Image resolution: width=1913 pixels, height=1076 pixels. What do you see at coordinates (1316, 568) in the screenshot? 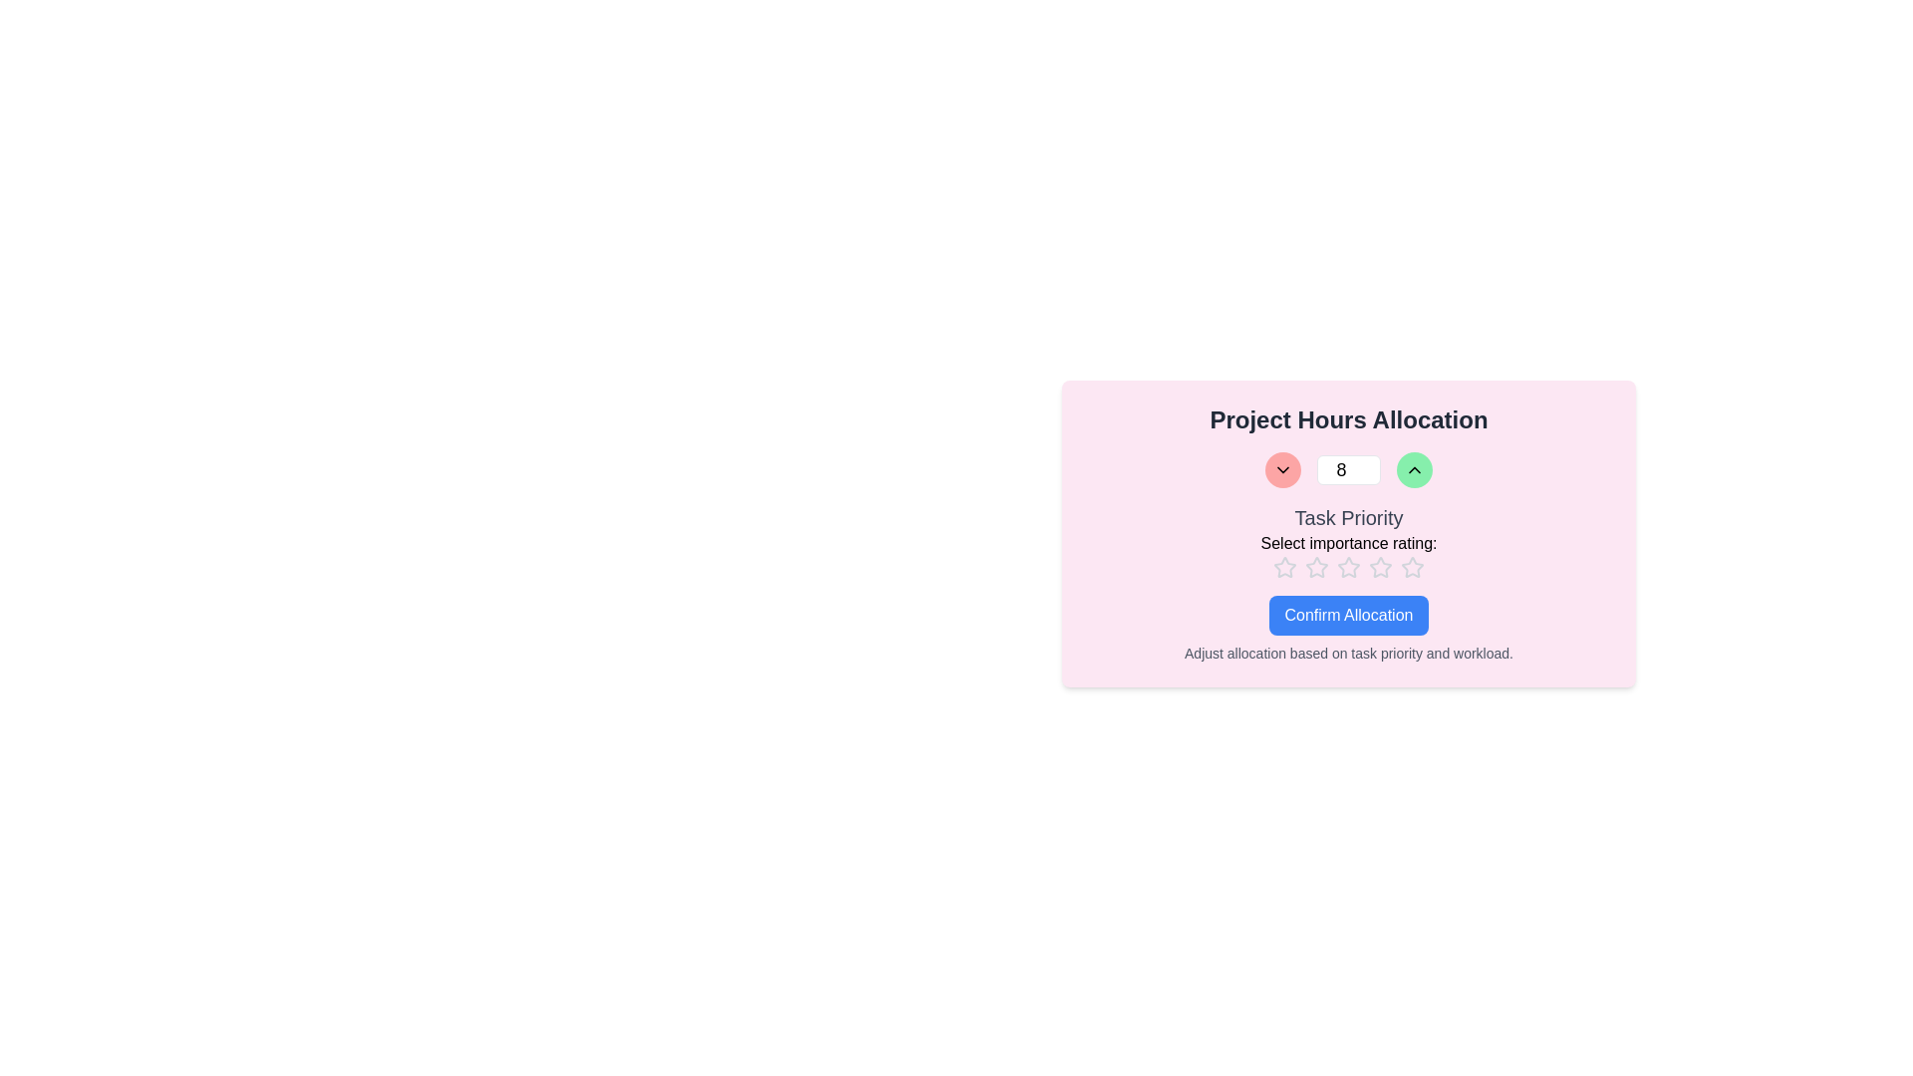
I see `the third star icon in the rating system` at bounding box center [1316, 568].